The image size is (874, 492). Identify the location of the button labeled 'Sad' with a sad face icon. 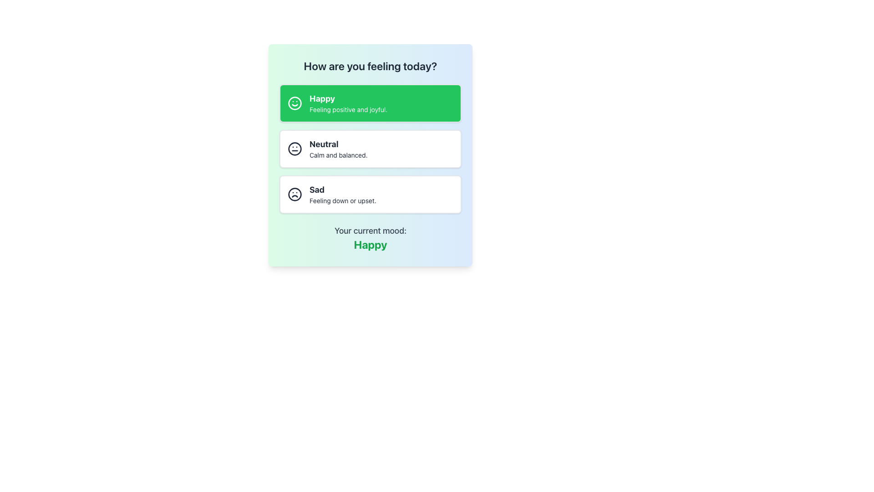
(371, 194).